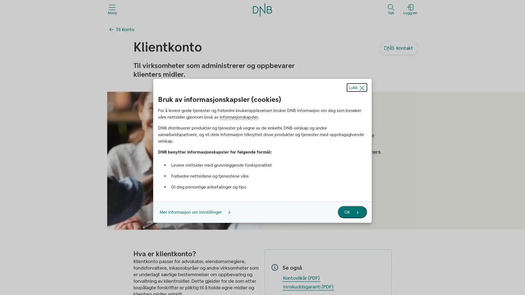 The image size is (525, 295). Describe the element at coordinates (193, 211) in the screenshot. I see `Mer informasjon om innstillinger` at that location.